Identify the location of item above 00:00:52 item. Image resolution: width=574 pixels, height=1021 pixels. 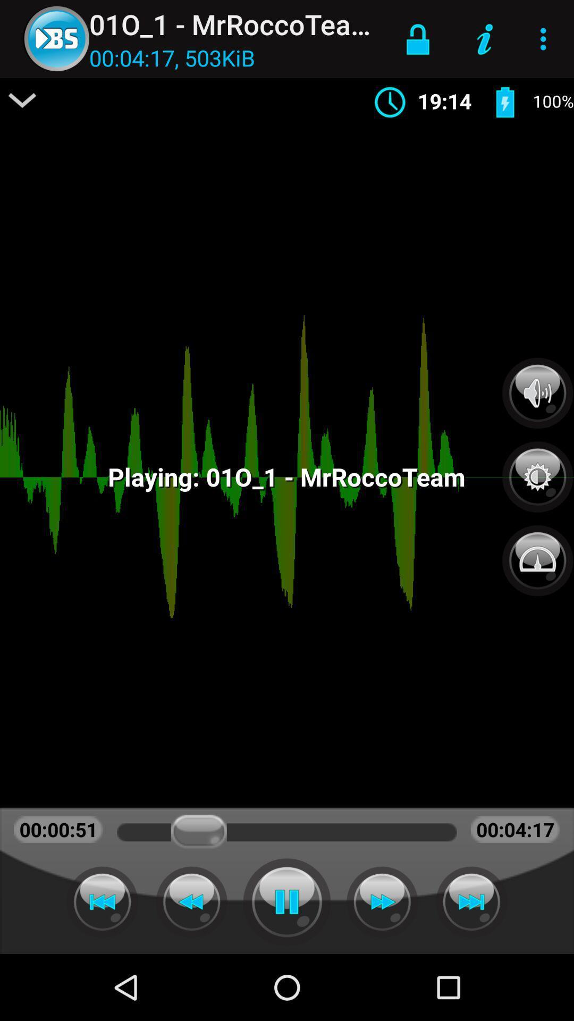
(22, 100).